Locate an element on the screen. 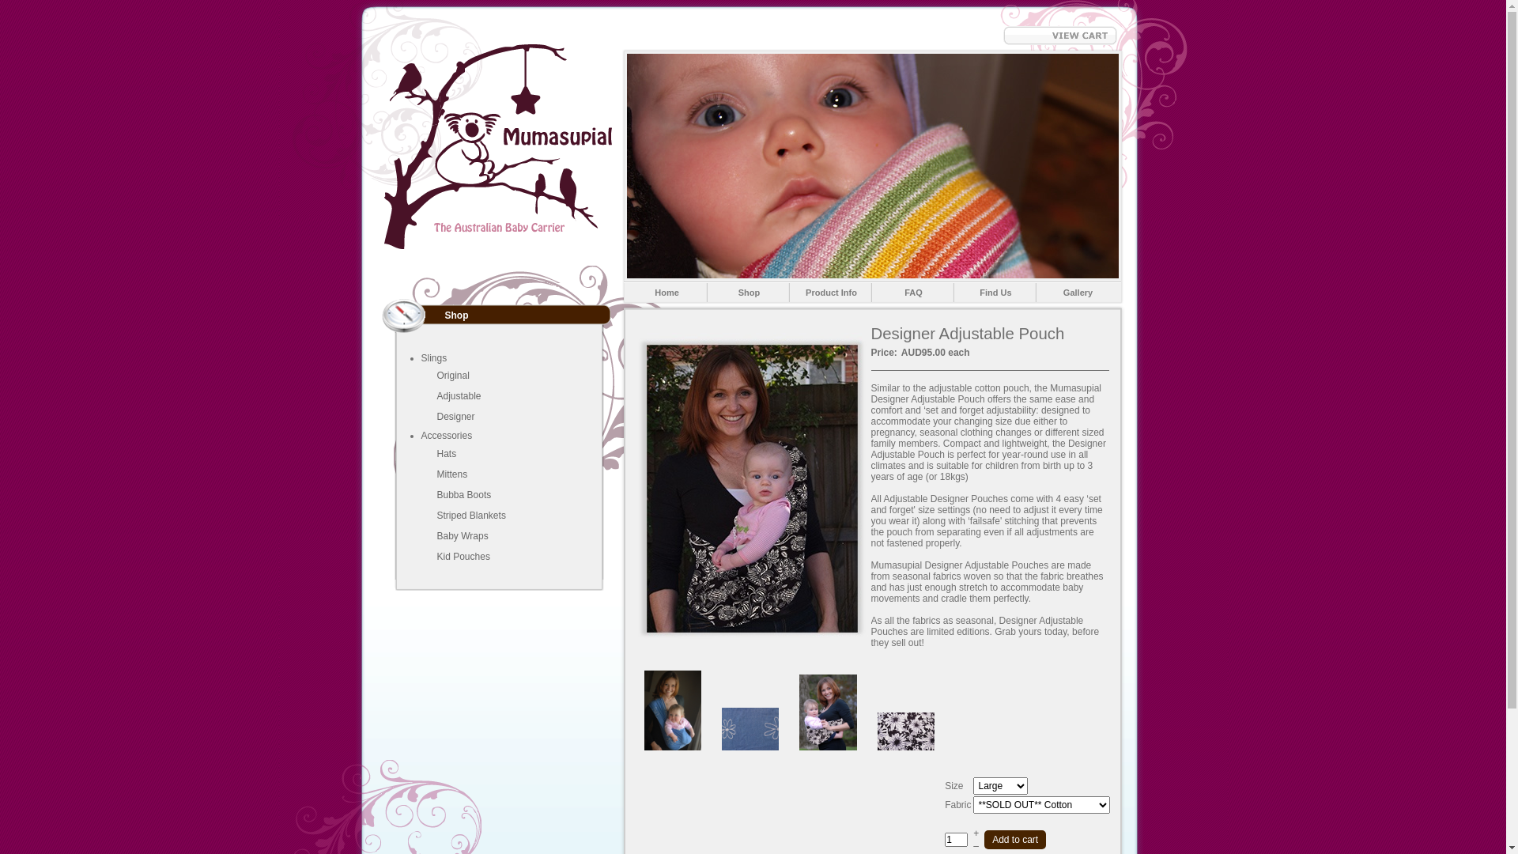  'Adjustable' is located at coordinates (436, 395).